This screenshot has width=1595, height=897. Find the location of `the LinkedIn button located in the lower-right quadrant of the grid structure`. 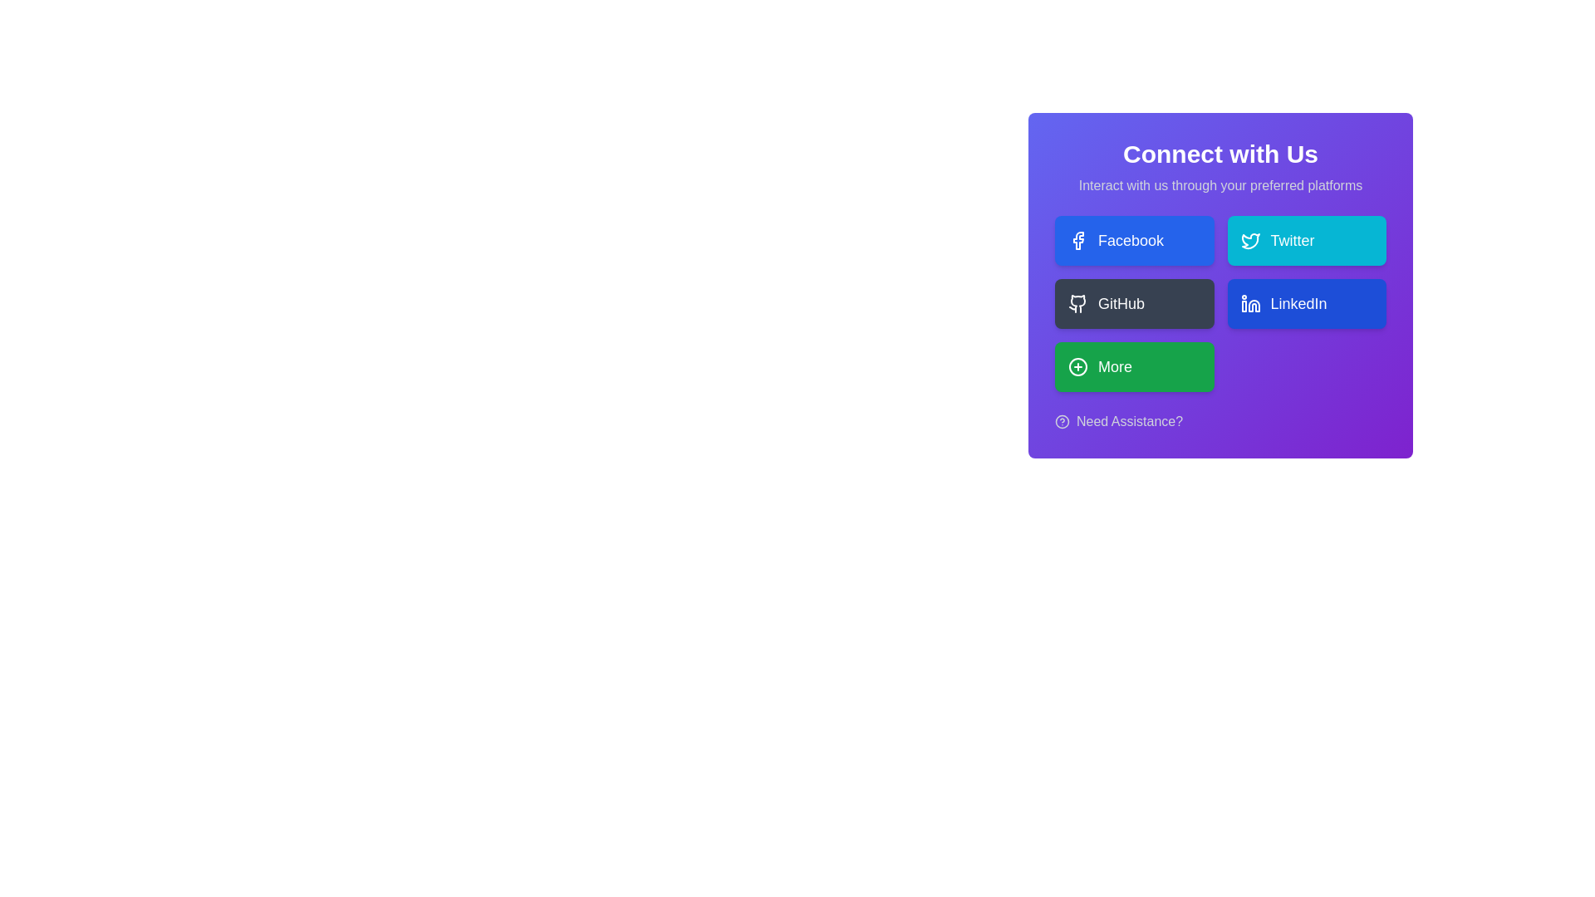

the LinkedIn button located in the lower-right quadrant of the grid structure is located at coordinates (1306, 304).